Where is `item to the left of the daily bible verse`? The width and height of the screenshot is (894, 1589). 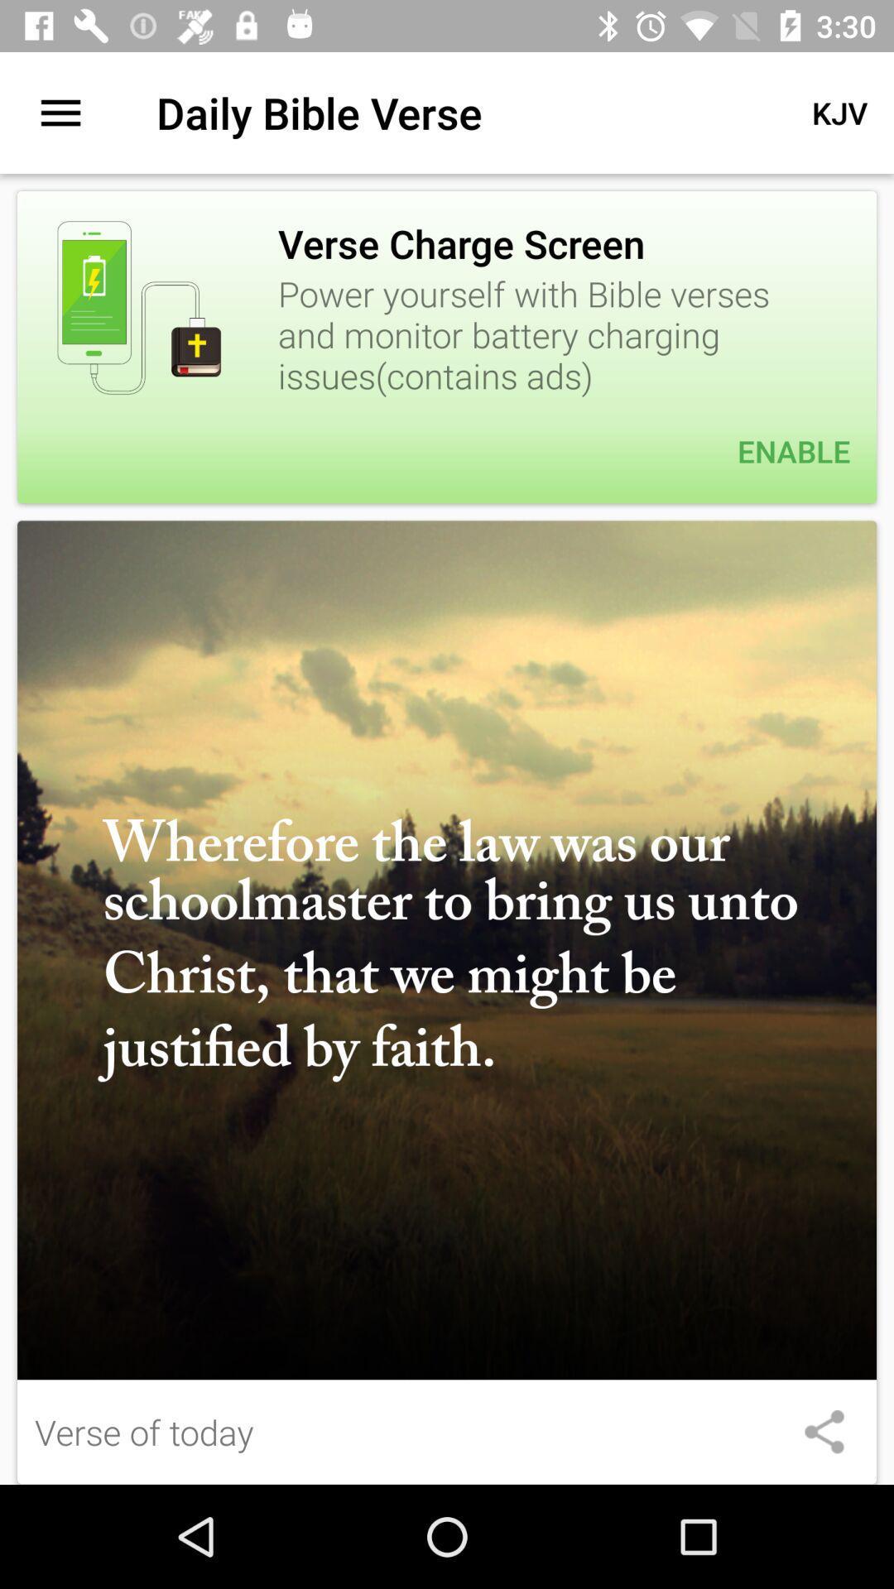
item to the left of the daily bible verse is located at coordinates (60, 112).